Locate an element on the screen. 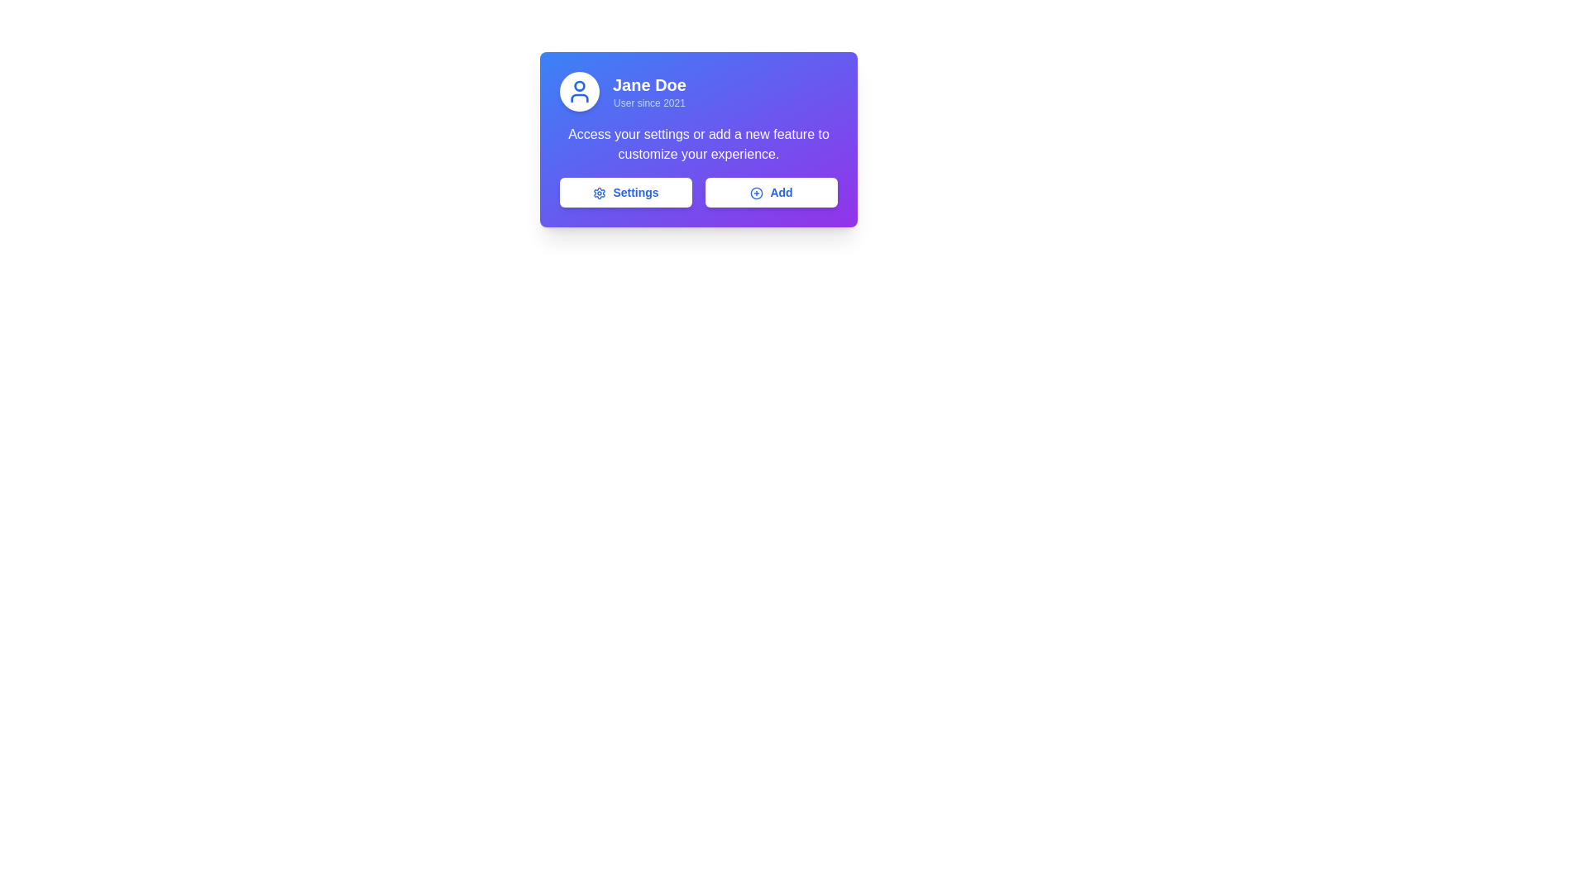 The height and width of the screenshot is (893, 1588). the user information text display located in the top-right region of the purple card, to the right of the user icon is located at coordinates (648, 92).